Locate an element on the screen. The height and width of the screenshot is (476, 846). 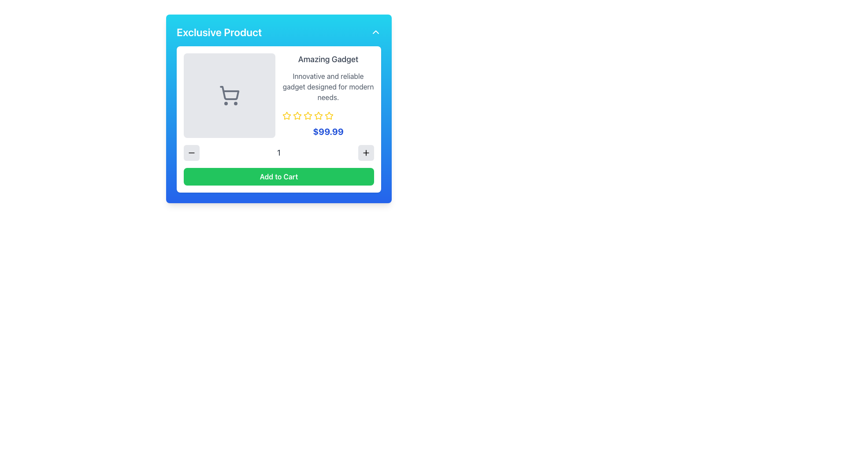
the horizontally elongated green 'Add to Cart' button with white text is located at coordinates (278, 177).